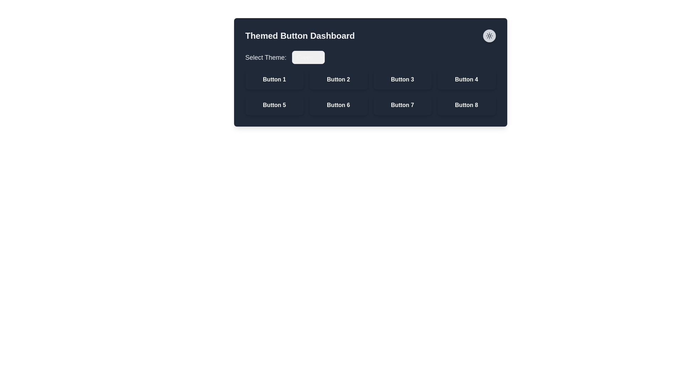 The width and height of the screenshot is (683, 384). I want to click on 'Button 2', a rectangular button with white bold text on a green background, so click(338, 79).